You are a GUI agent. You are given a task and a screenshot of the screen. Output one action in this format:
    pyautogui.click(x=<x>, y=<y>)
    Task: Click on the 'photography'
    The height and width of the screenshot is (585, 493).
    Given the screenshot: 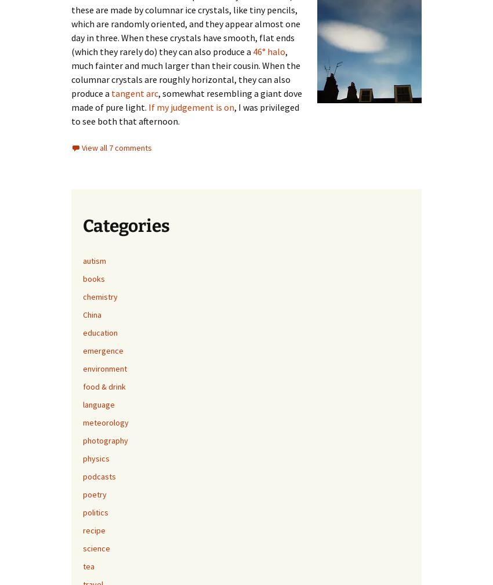 What is the action you would take?
    pyautogui.click(x=104, y=439)
    